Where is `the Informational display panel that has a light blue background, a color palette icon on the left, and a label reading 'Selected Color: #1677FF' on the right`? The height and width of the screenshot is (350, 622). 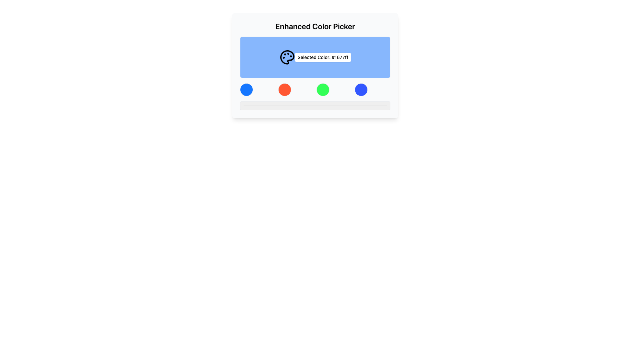 the Informational display panel that has a light blue background, a color palette icon on the left, and a label reading 'Selected Color: #1677FF' on the right is located at coordinates (315, 57).